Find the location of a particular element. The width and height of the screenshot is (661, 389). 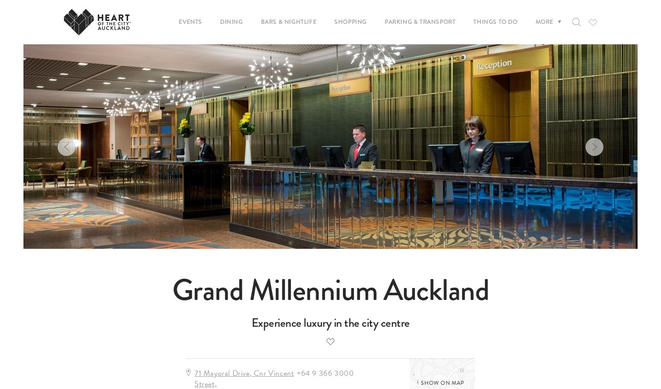

'Visit' is located at coordinates (296, 57).